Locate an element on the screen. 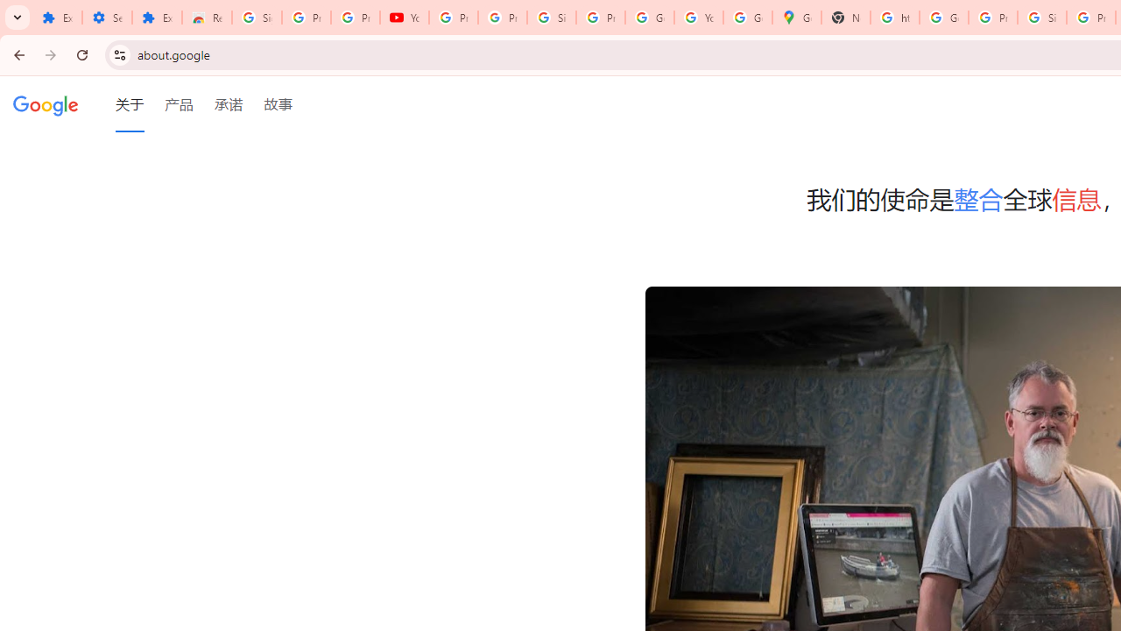  'Reload' is located at coordinates (81, 53).